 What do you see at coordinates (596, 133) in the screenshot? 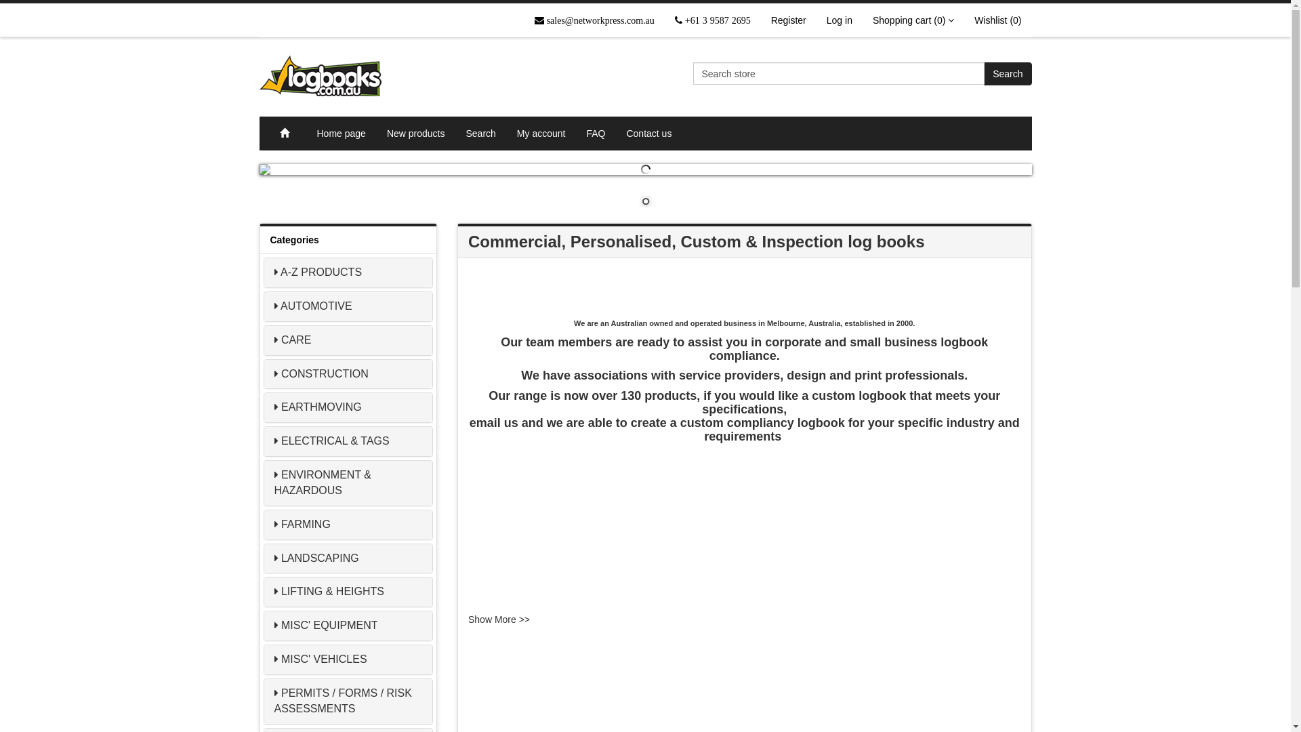
I see `'FAQ'` at bounding box center [596, 133].